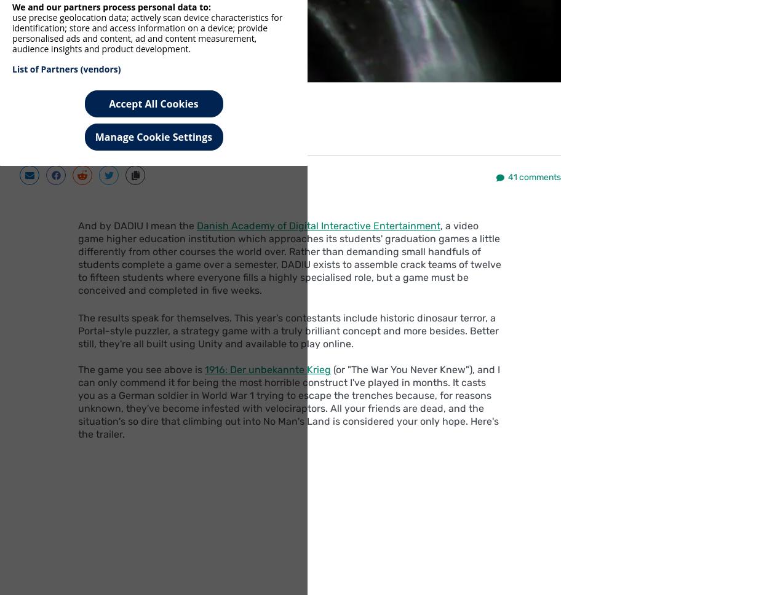  What do you see at coordinates (78, 330) in the screenshot?
I see `'The results speak for themselves. This year's contestants include historic dinosaur terror, a Portal-style puzzler, a strategy game with a truly brilliant concept and more besides. Better still, they're all built using Unity and available to play online.'` at bounding box center [78, 330].